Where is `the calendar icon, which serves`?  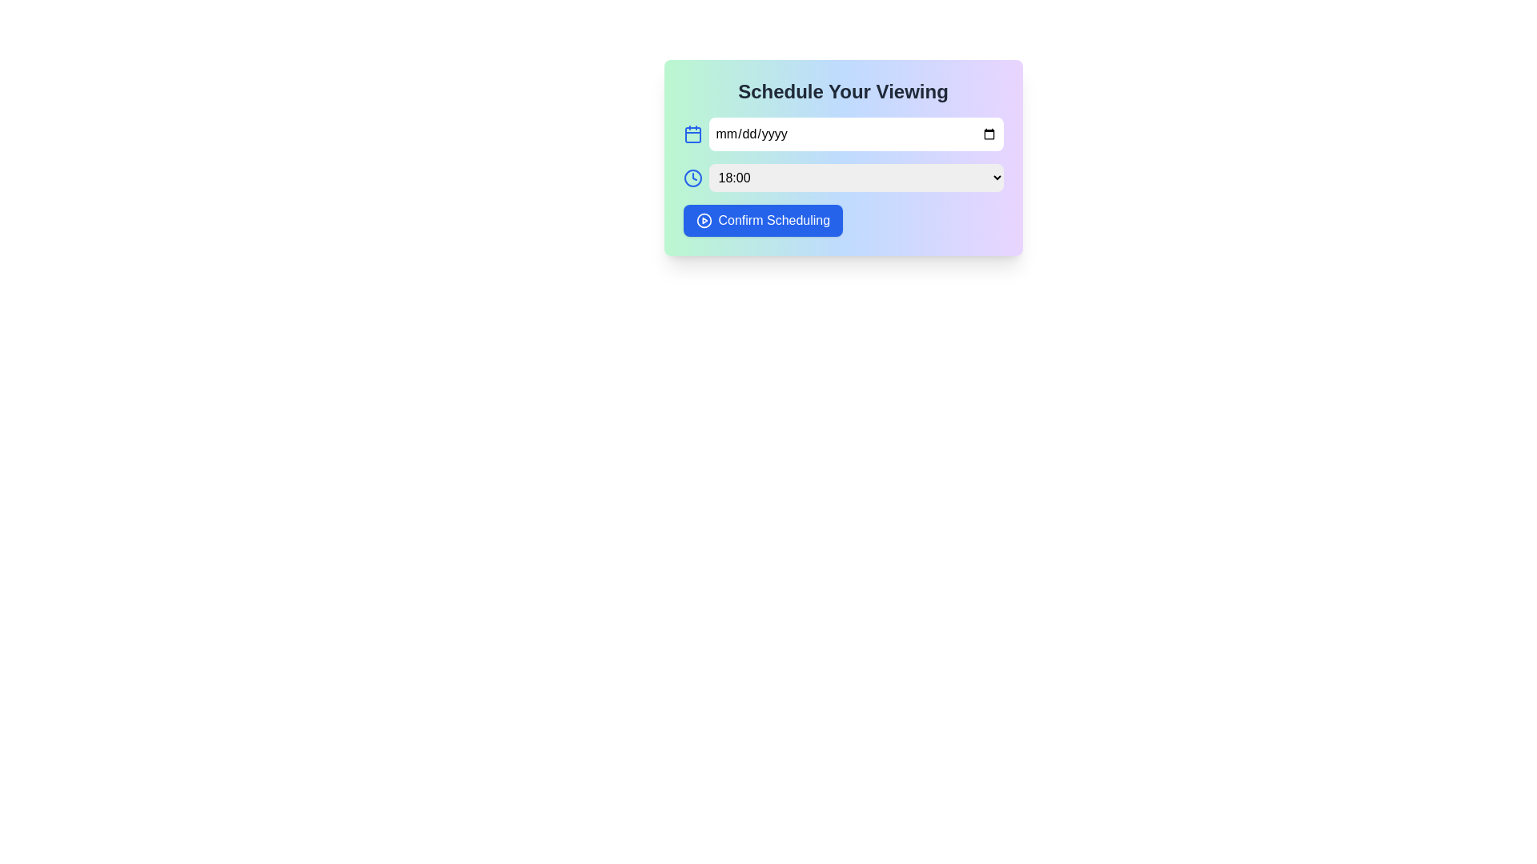 the calendar icon, which serves is located at coordinates (692, 134).